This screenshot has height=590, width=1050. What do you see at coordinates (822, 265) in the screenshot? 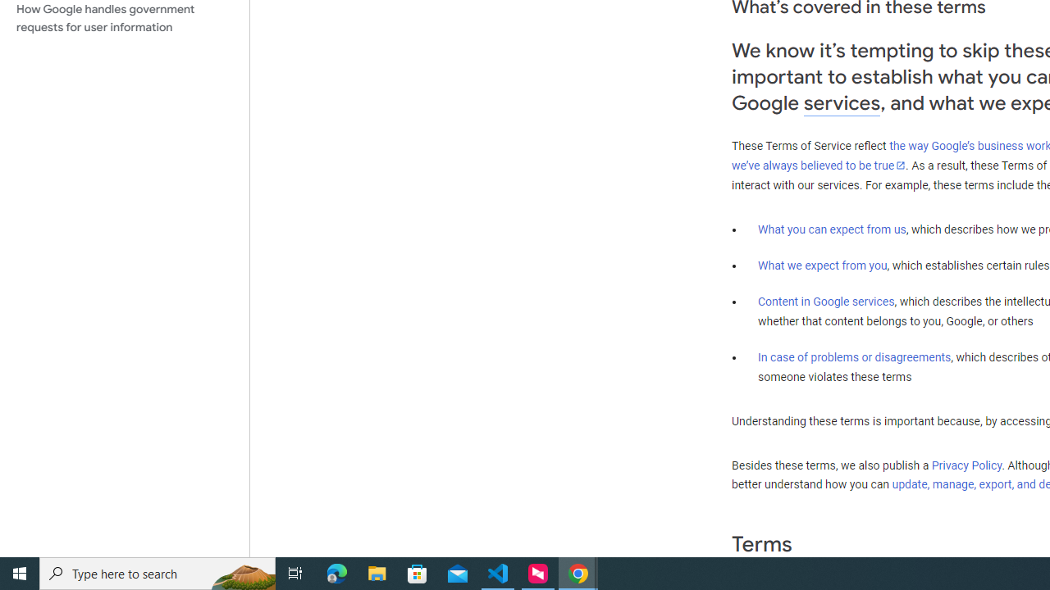
I see `'What we expect from you'` at bounding box center [822, 265].